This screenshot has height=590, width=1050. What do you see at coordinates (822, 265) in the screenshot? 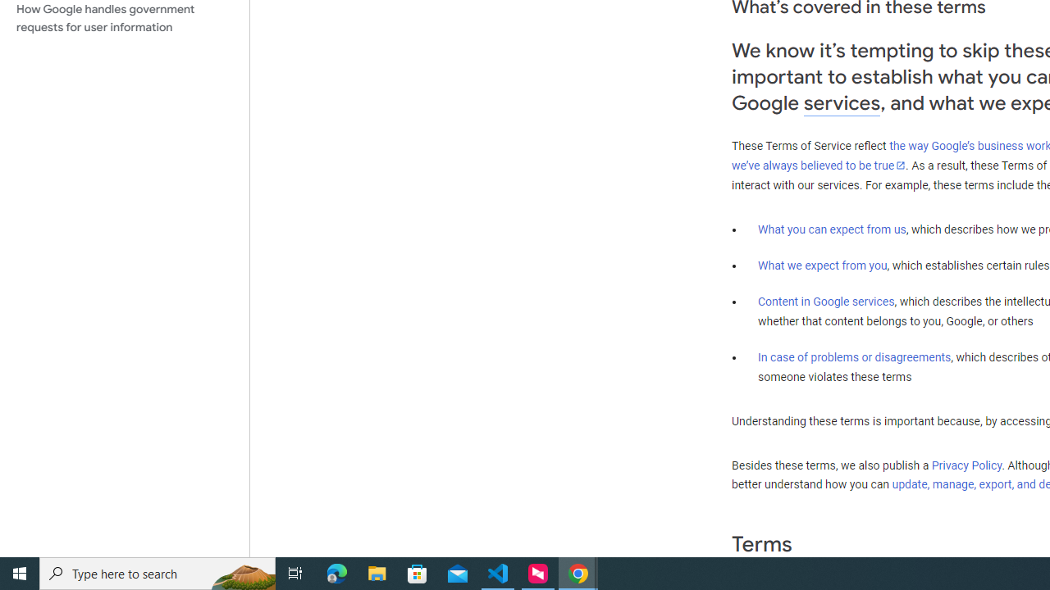
I see `'What we expect from you'` at bounding box center [822, 265].